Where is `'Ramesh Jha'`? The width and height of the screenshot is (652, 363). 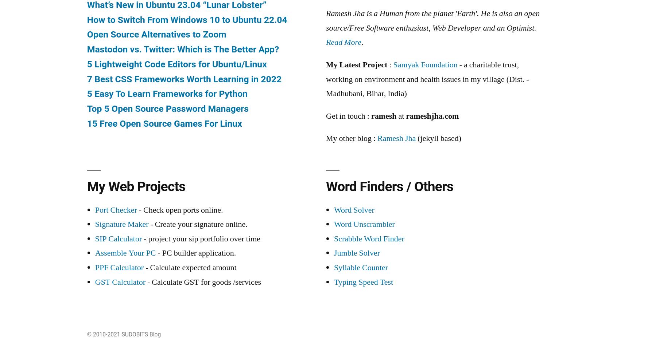
'Ramesh Jha' is located at coordinates (396, 138).